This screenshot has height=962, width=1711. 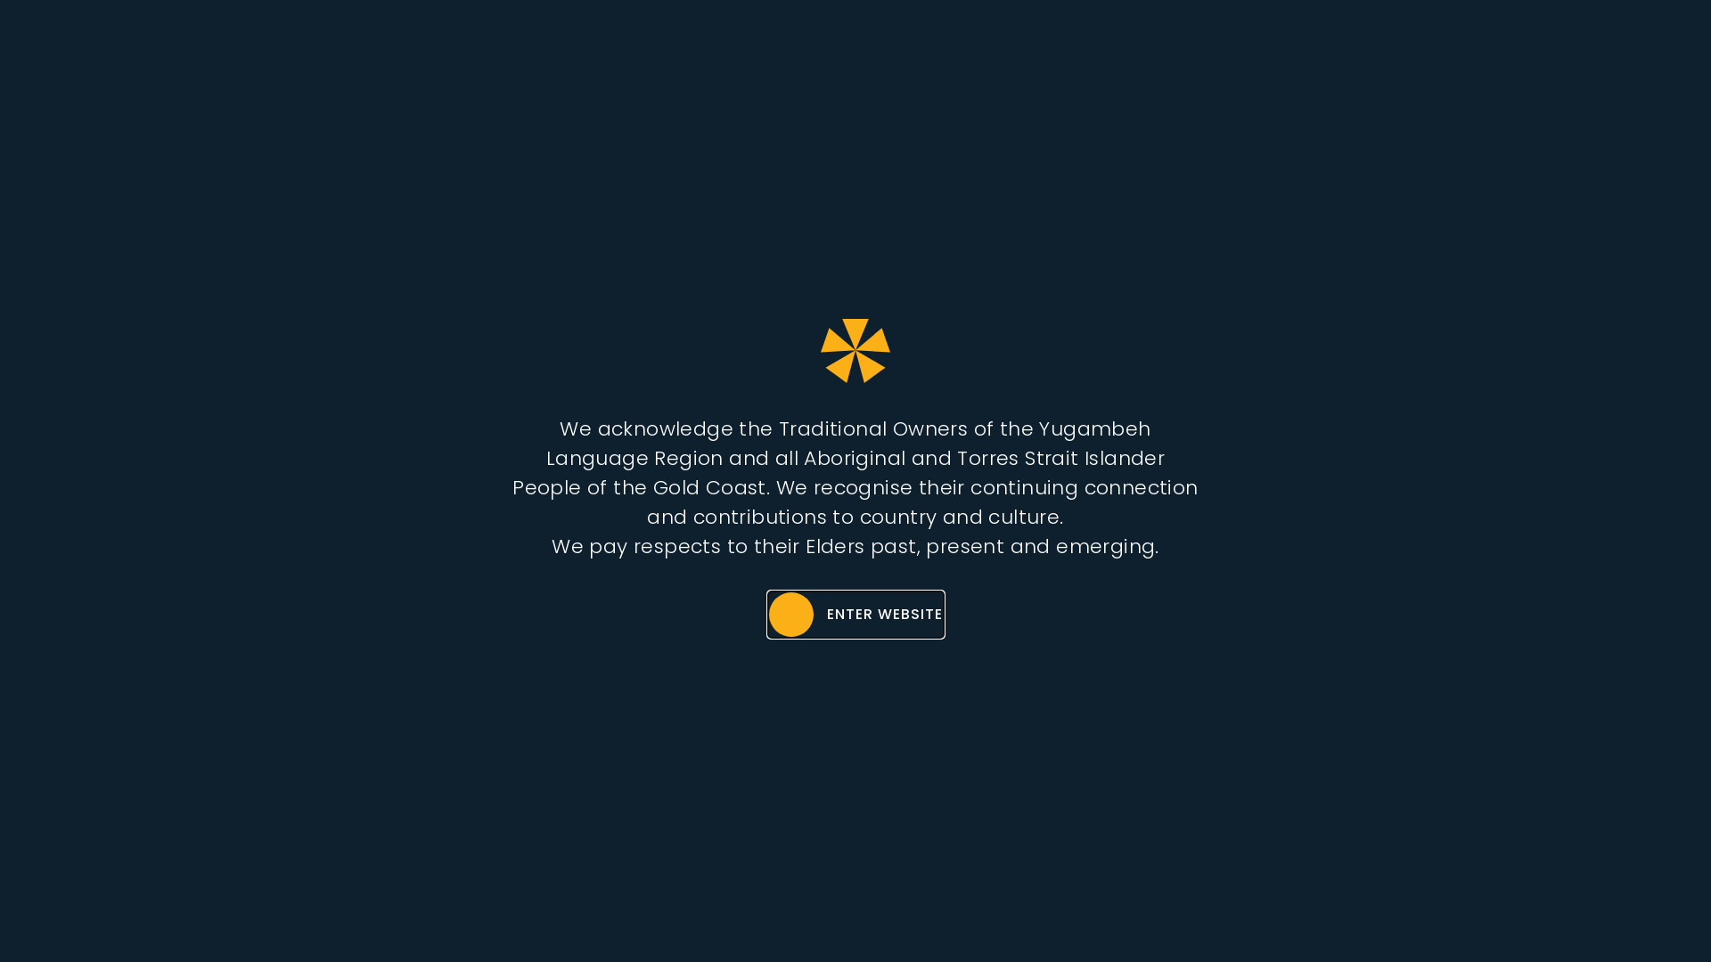 I want to click on 'ENTER WEBSITE', so click(x=854, y=614).